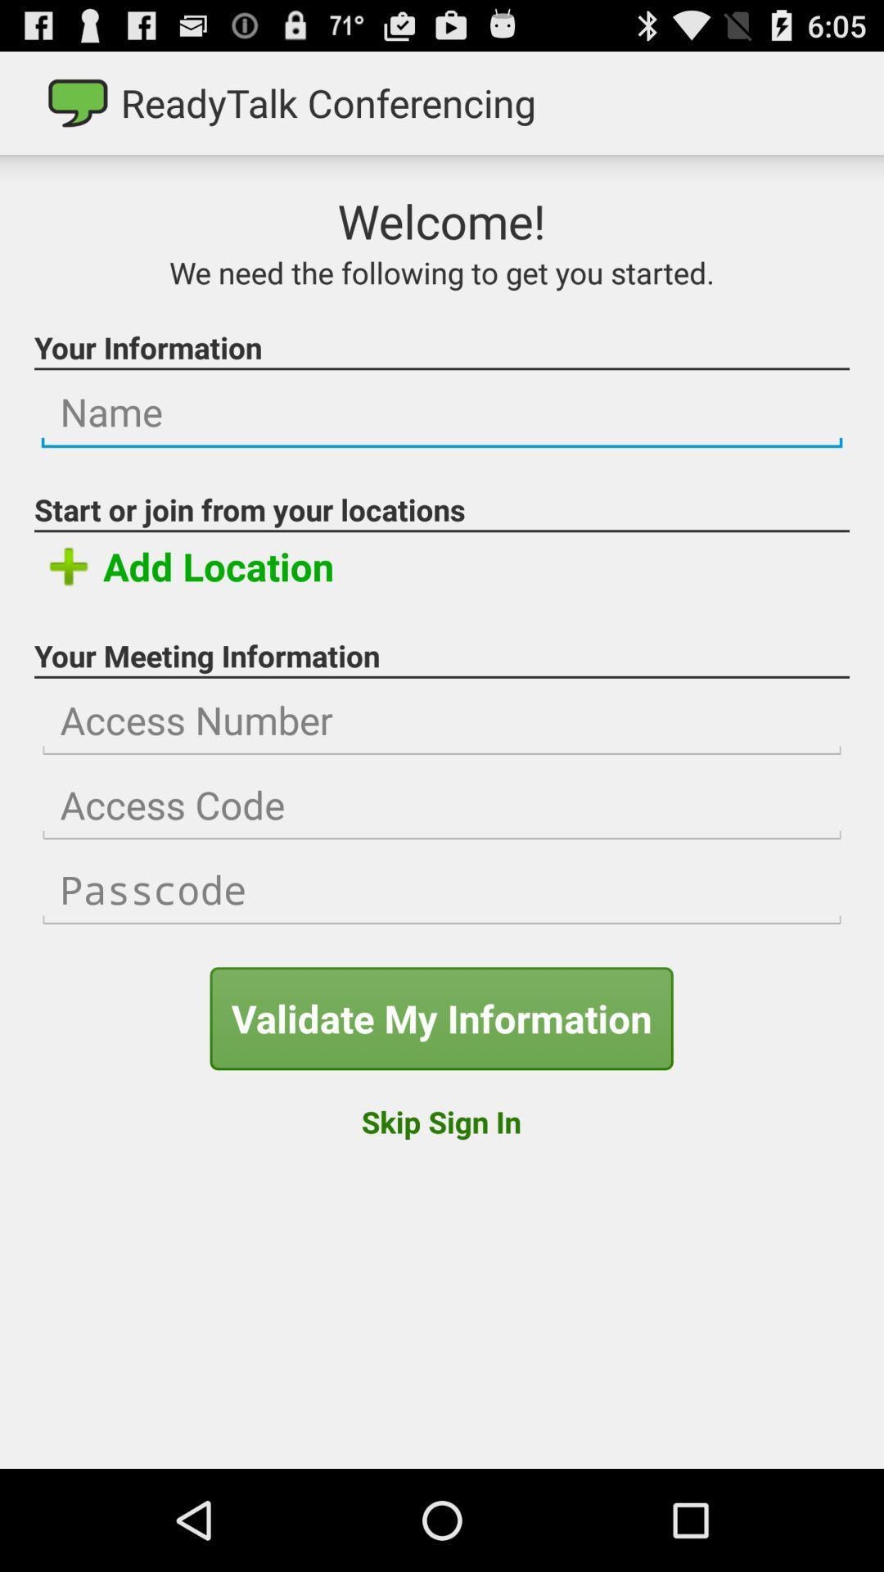  I want to click on skip sign in button, so click(440, 1121).